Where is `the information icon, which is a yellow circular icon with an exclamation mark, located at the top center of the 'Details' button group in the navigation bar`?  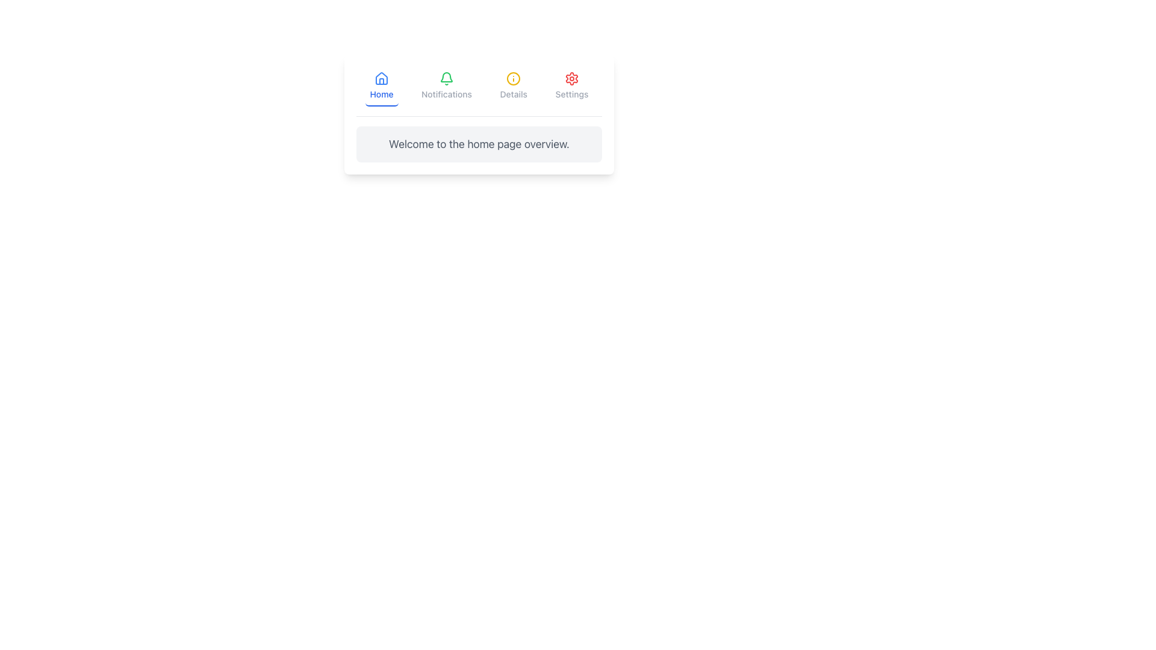 the information icon, which is a yellow circular icon with an exclamation mark, located at the top center of the 'Details' button group in the navigation bar is located at coordinates (514, 79).